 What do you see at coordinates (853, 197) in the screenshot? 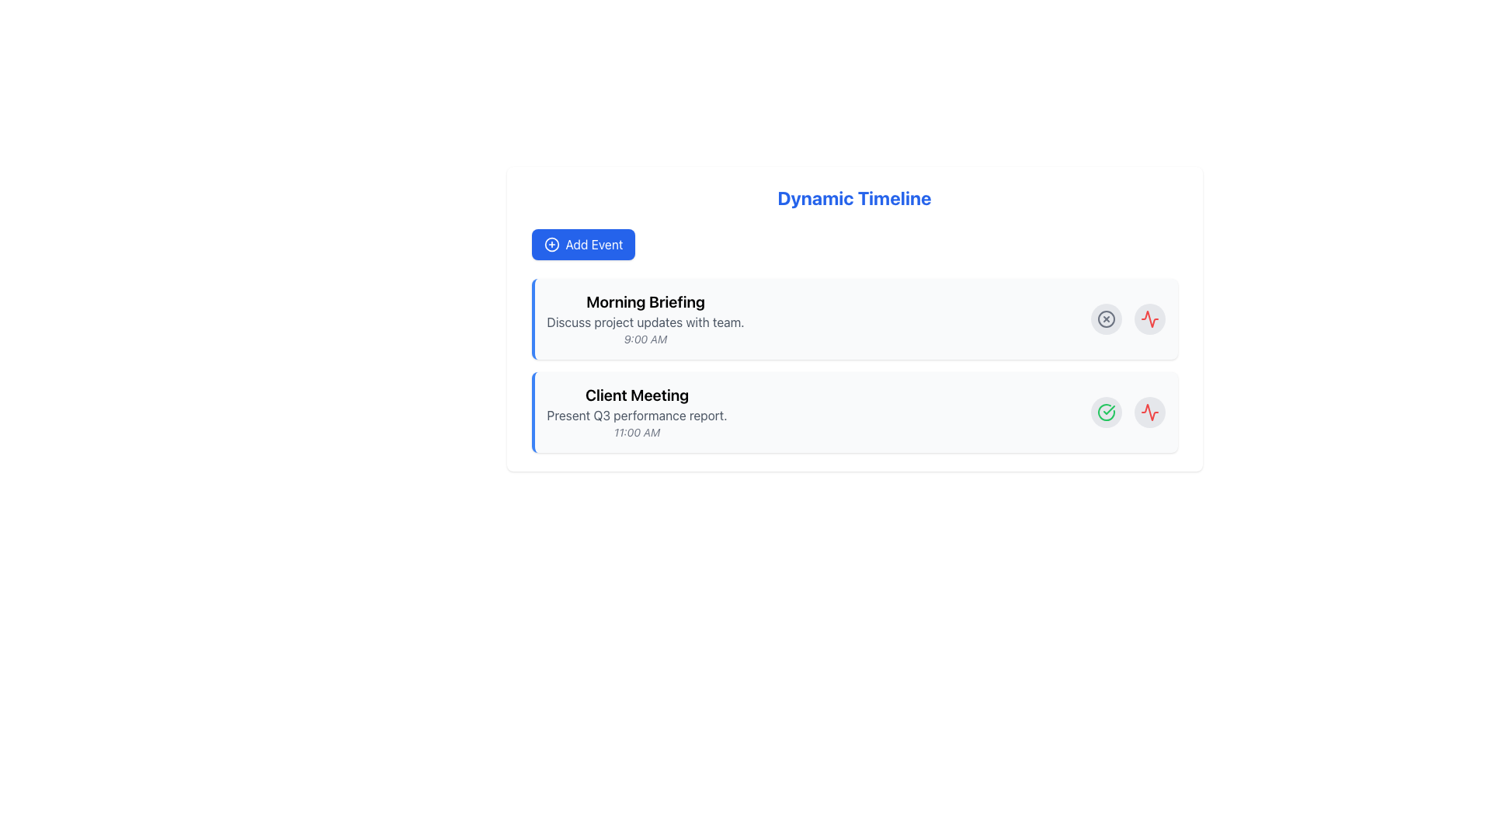
I see `the static text header that serves as a title for the dynamic timeline section, which is centrally positioned above the 'Add Event' button` at bounding box center [853, 197].